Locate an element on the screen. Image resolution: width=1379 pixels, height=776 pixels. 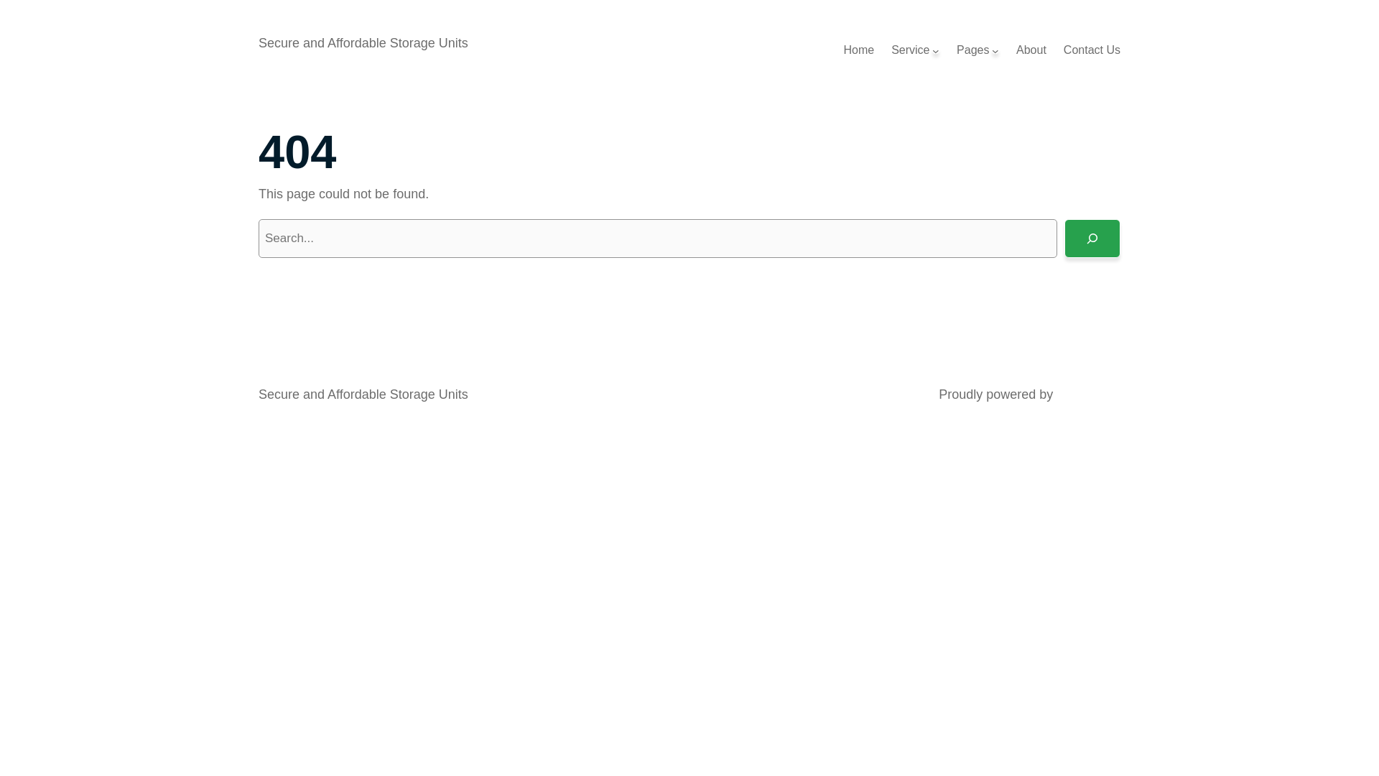
'Pages' is located at coordinates (972, 50).